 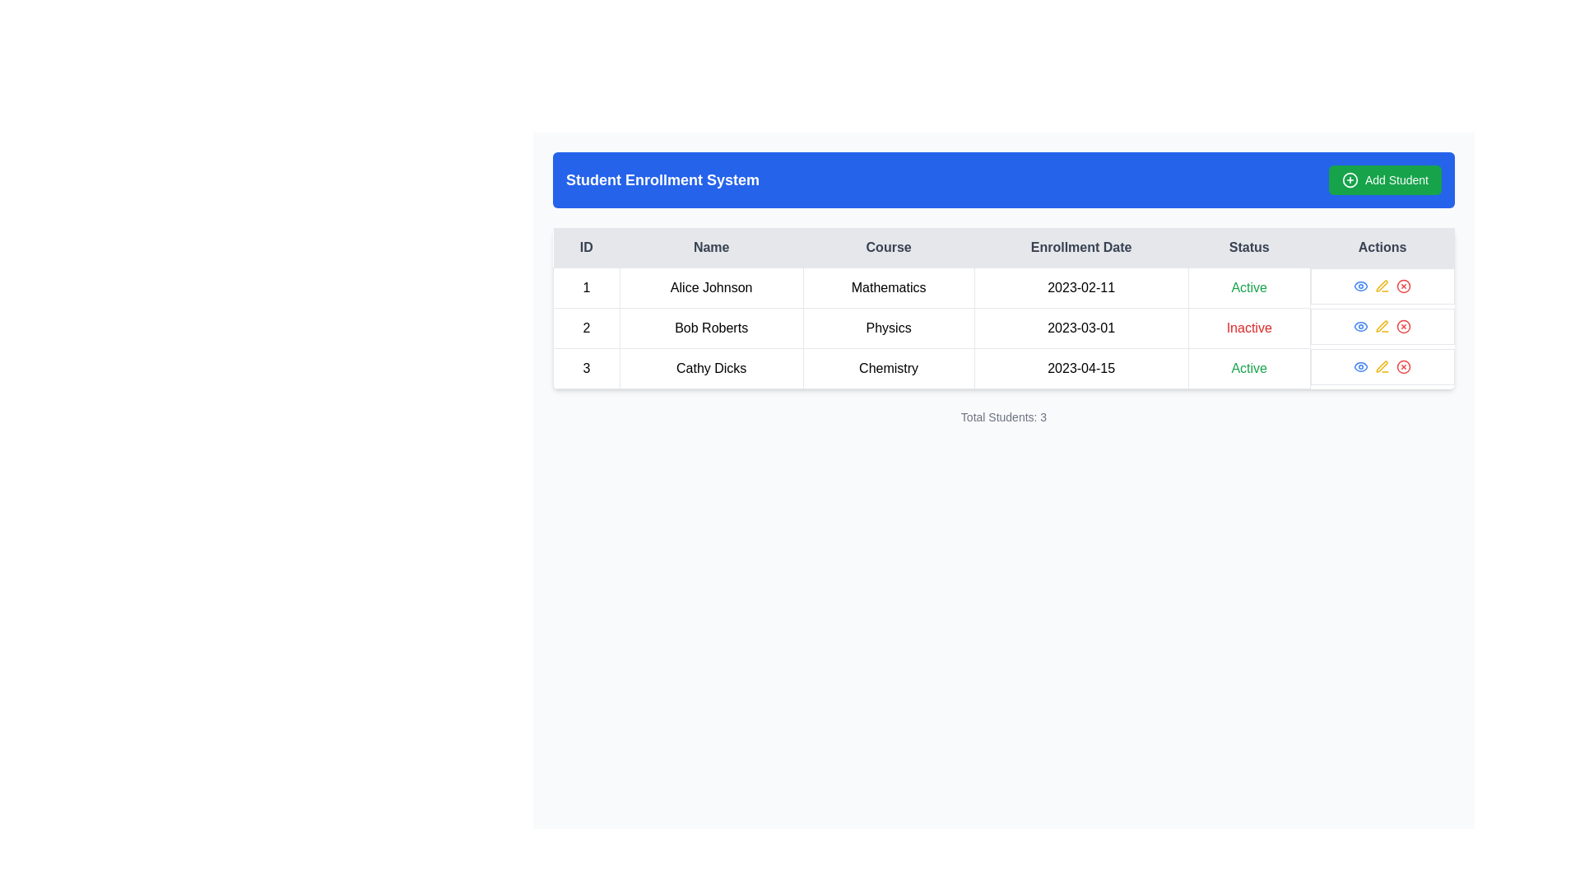 What do you see at coordinates (888, 287) in the screenshot?
I see `the content of the Text Display Cell that displays the course enrolled by the student 'Alice Johnson' in the table under the 'Student Enrollment System' header` at bounding box center [888, 287].